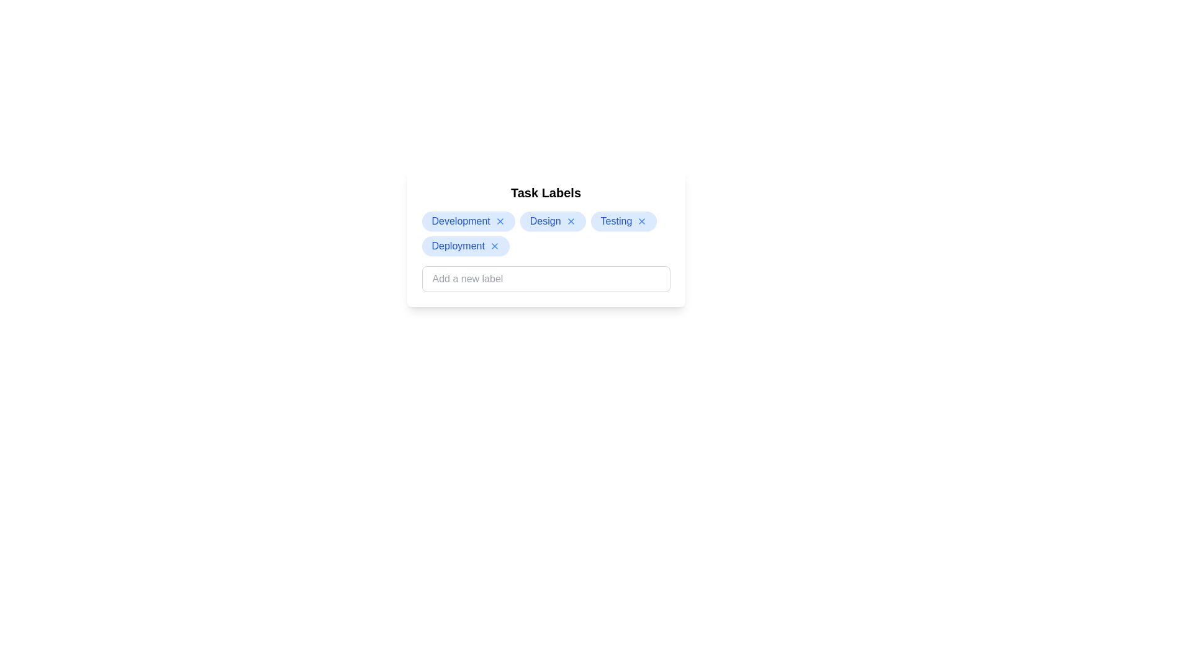 The image size is (1192, 670). I want to click on the delete icon located on the right end of the 'Deployment' label, so click(494, 246).